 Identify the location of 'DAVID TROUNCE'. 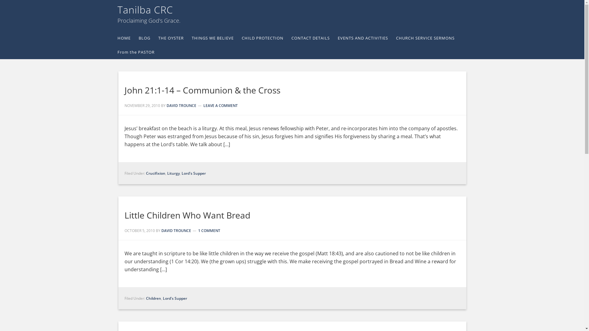
(181, 105).